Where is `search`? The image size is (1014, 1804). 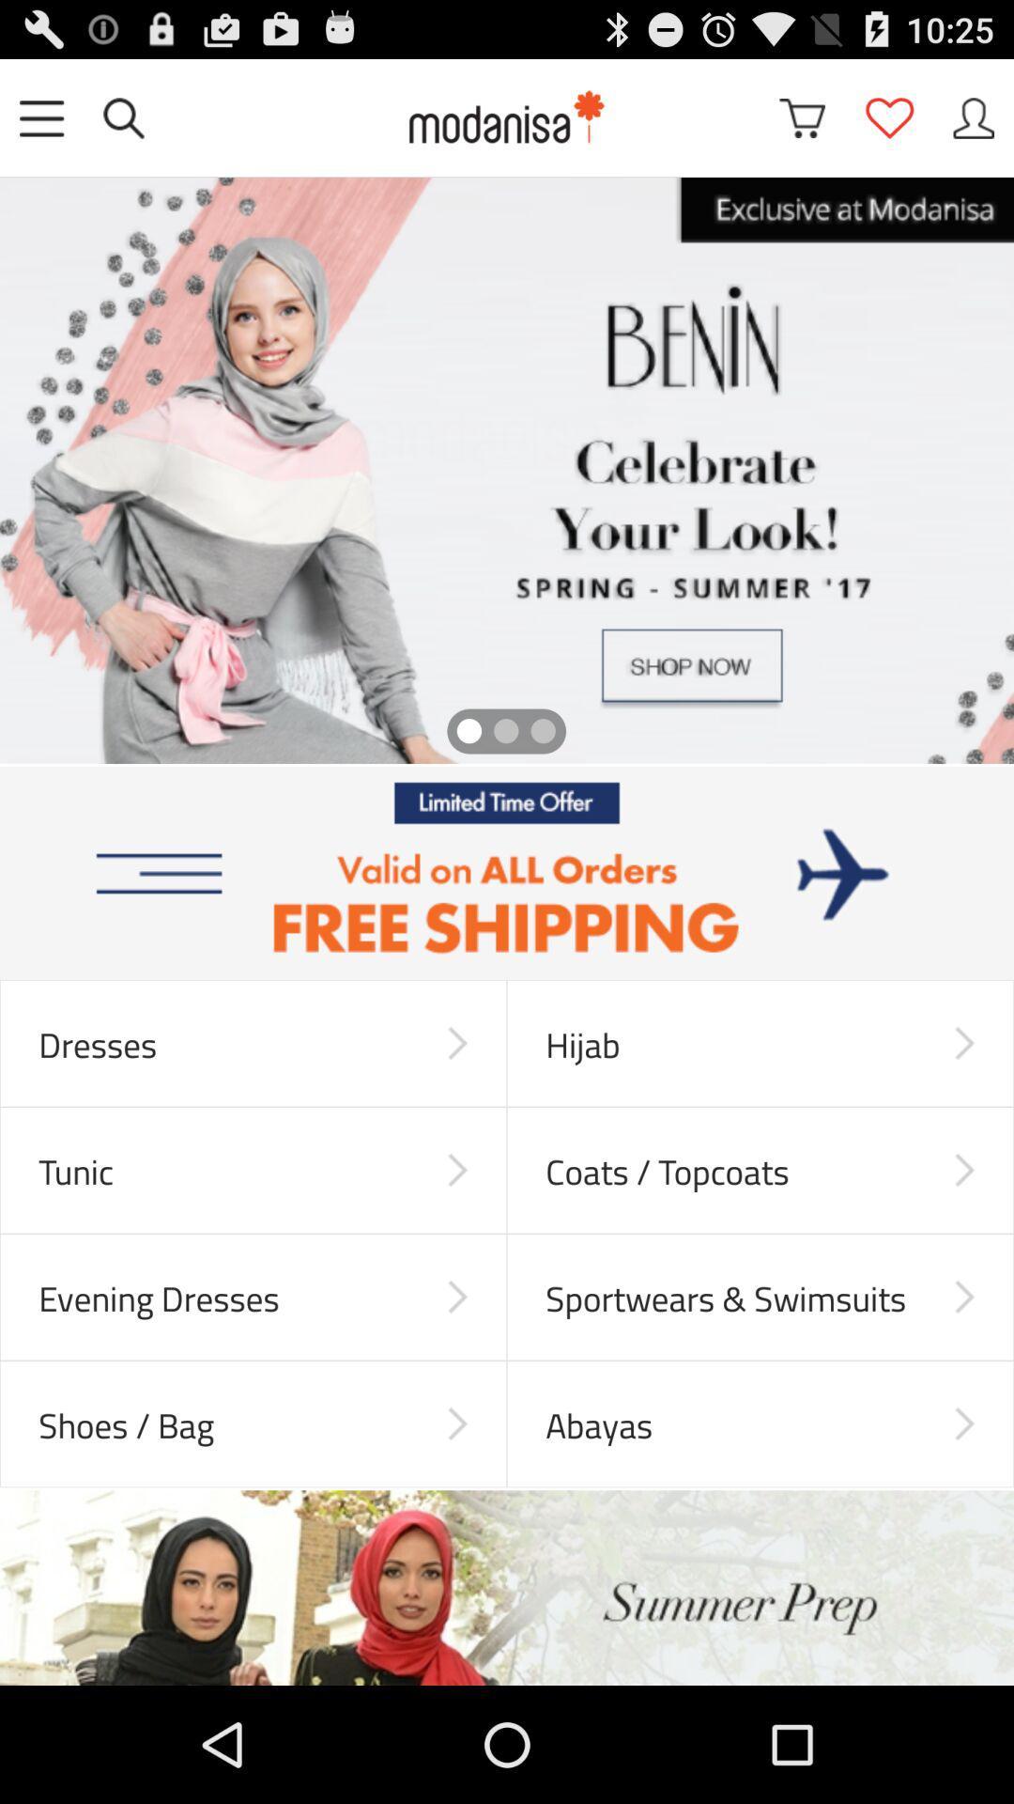
search is located at coordinates (123, 117).